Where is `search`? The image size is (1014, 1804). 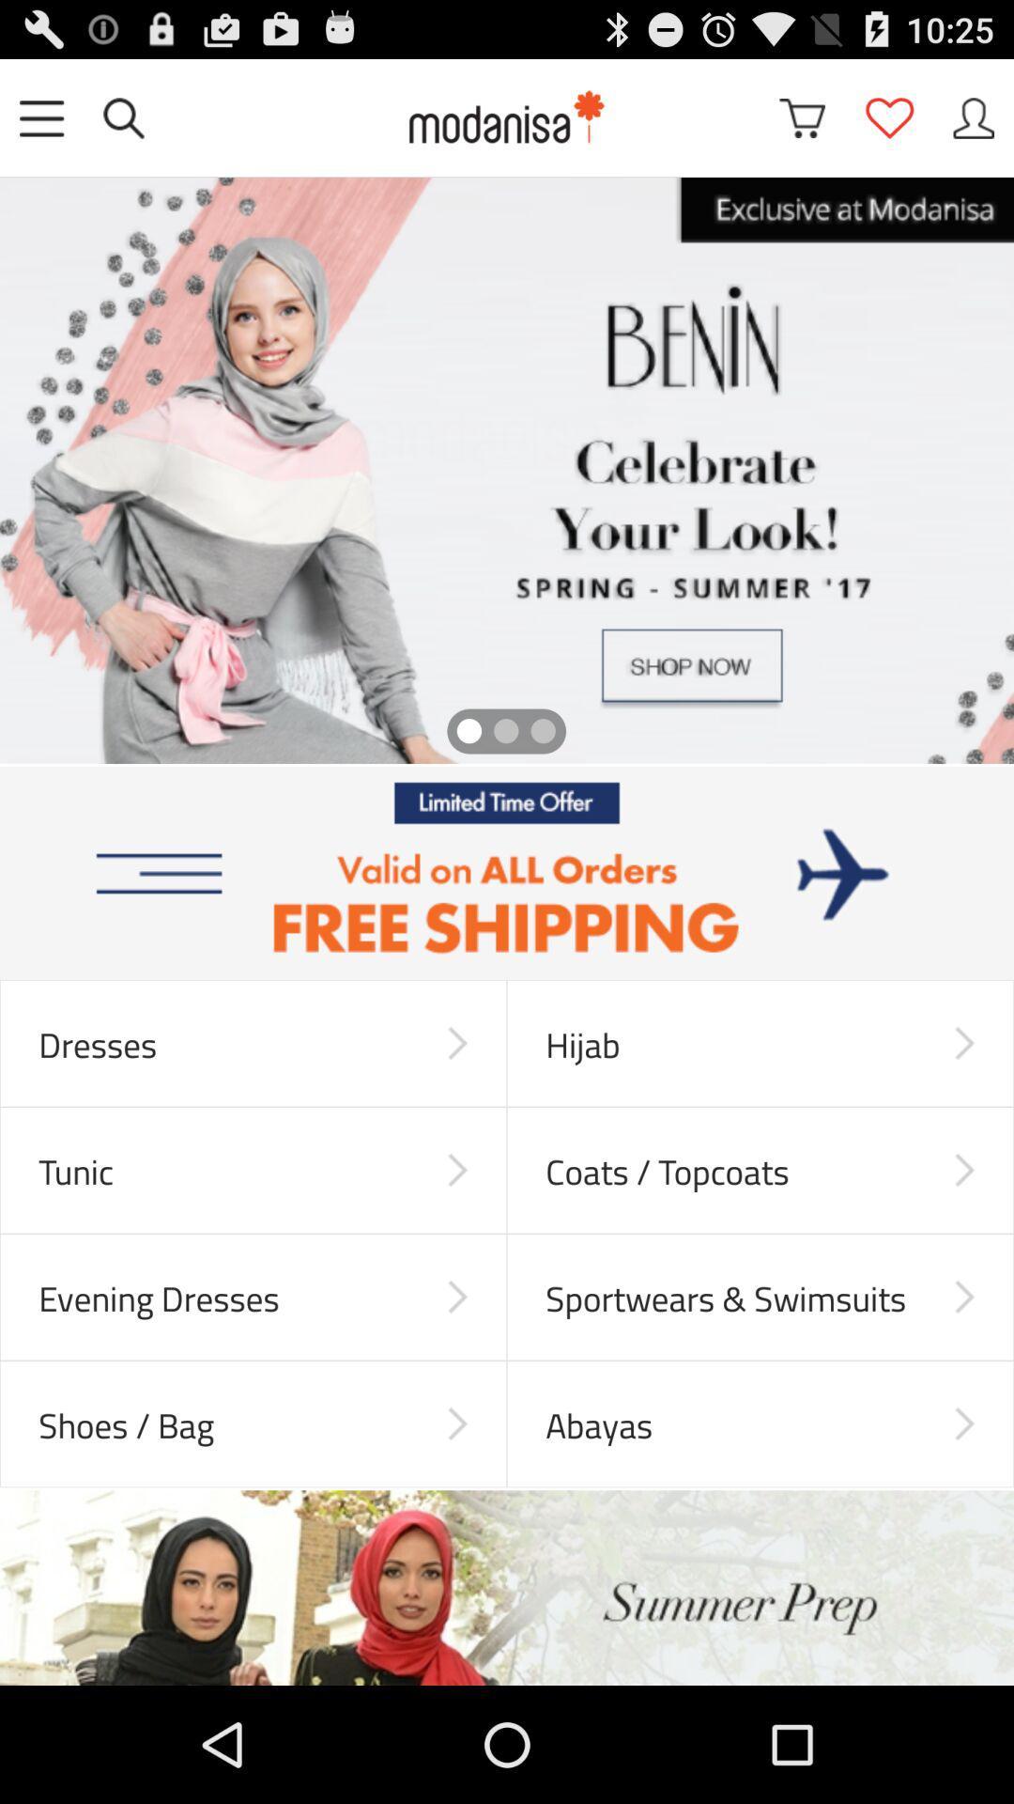
search is located at coordinates (123, 117).